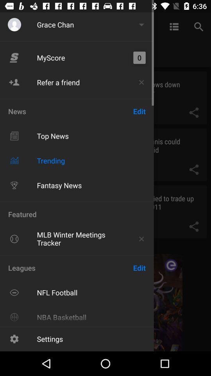  I want to click on share option in first row, so click(193, 112).